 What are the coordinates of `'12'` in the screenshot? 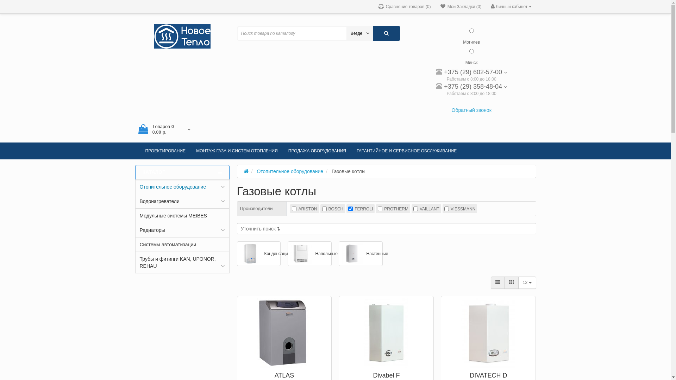 It's located at (527, 282).